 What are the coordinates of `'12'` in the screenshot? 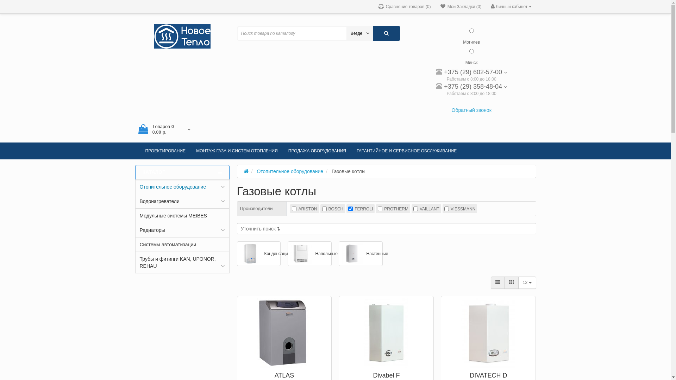 It's located at (527, 282).